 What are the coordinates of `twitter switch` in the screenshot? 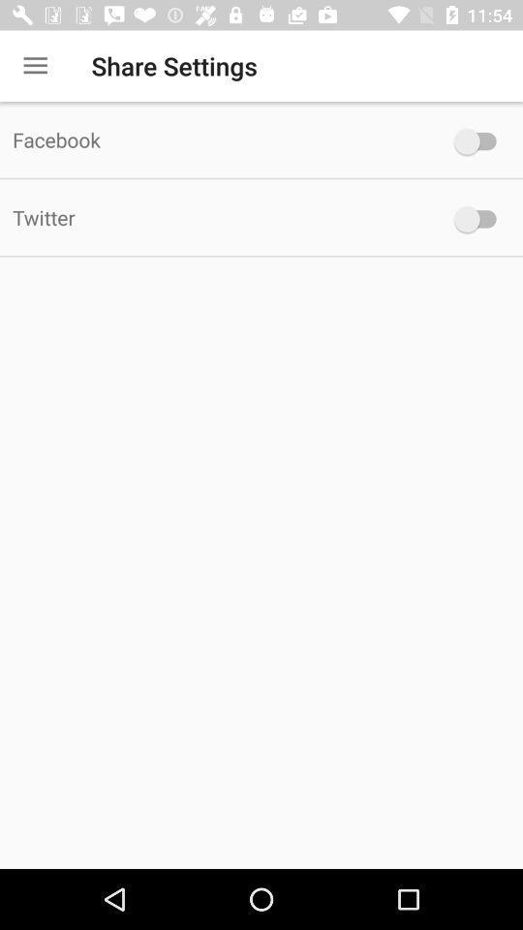 It's located at (478, 219).